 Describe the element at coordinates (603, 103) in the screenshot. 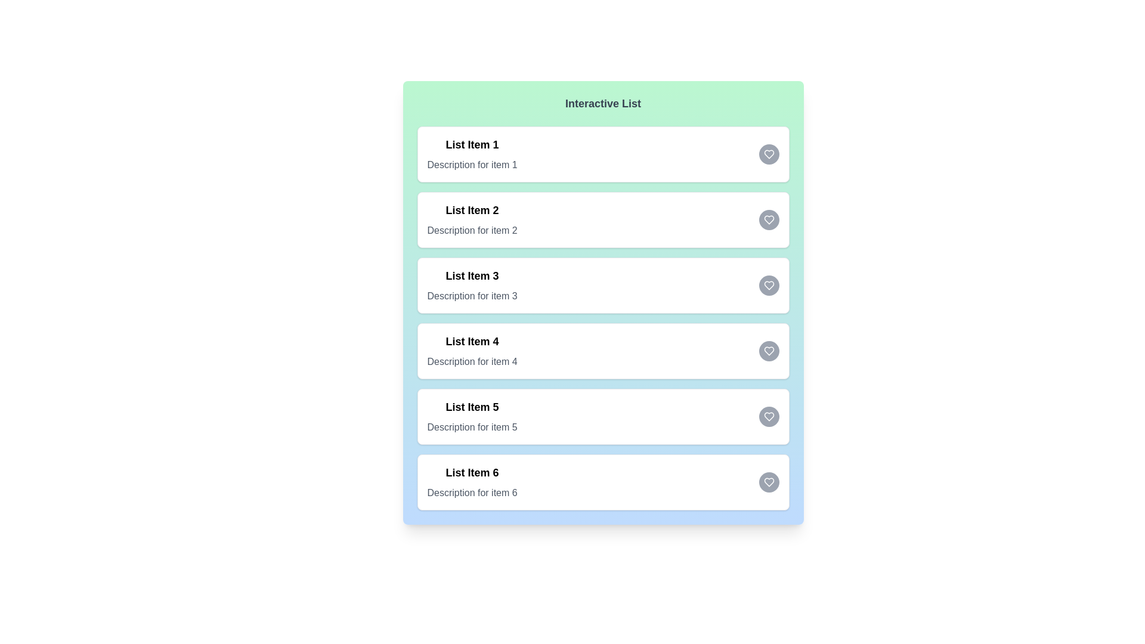

I see `the header of the list to provide context` at that location.